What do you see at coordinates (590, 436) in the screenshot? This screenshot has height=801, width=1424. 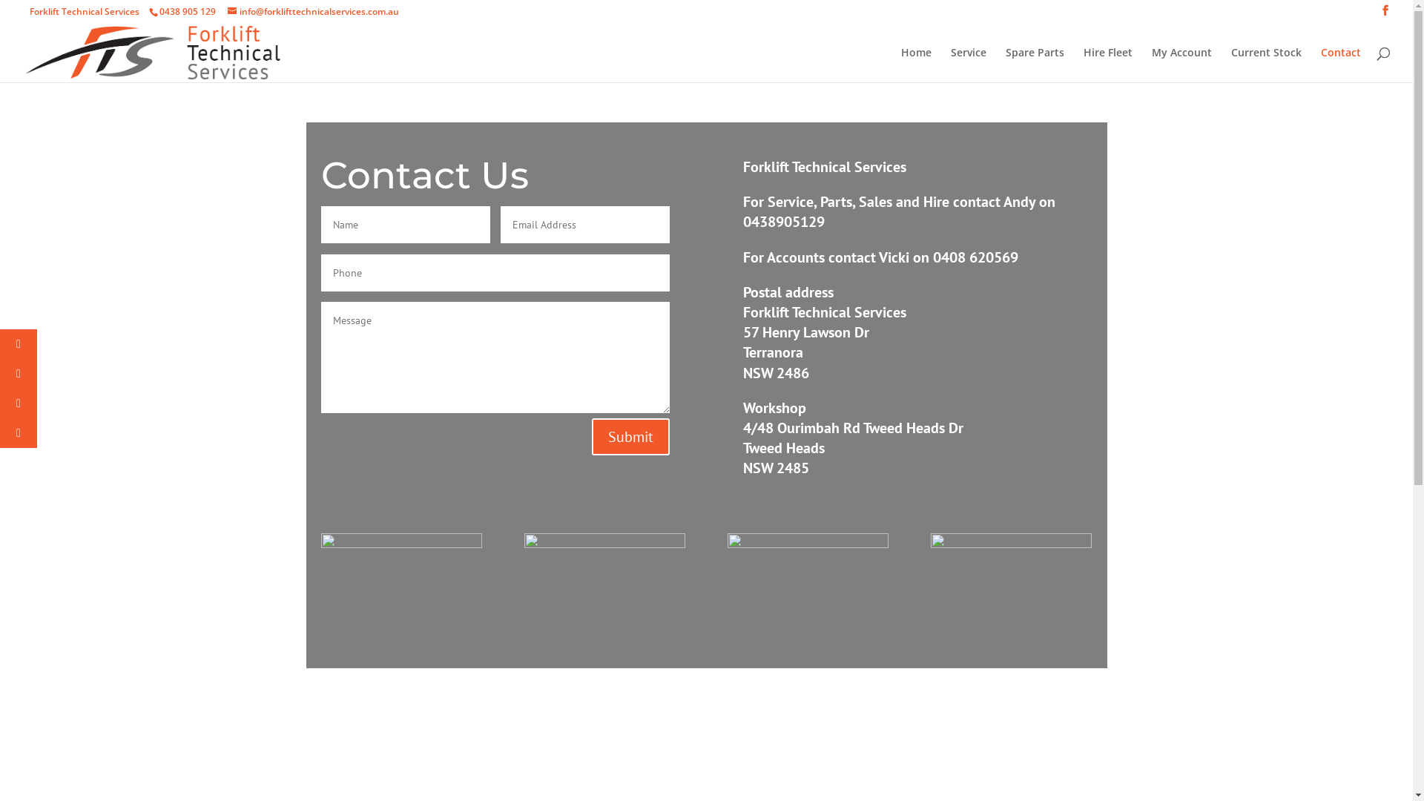 I see `'Submit'` at bounding box center [590, 436].